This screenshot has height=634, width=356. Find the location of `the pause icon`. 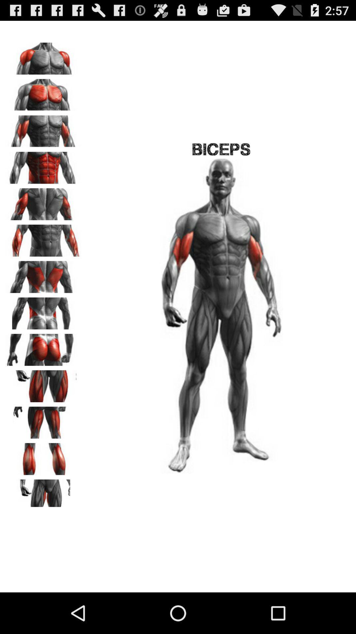

the pause icon is located at coordinates (43, 489).